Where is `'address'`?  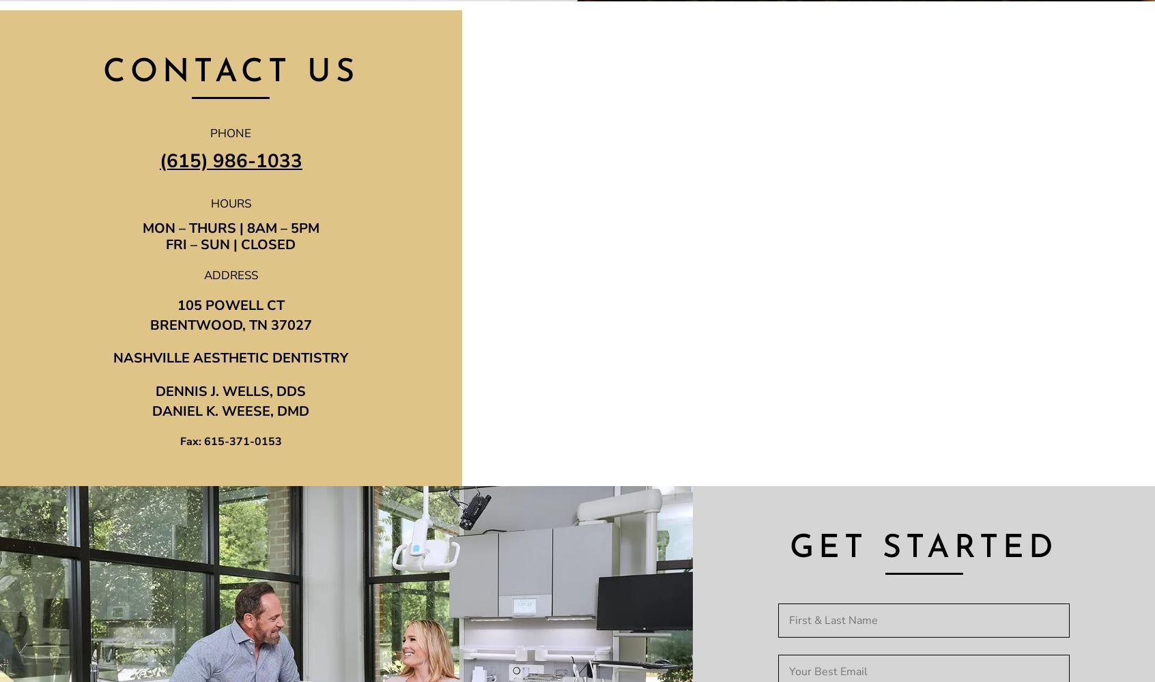
'address' is located at coordinates (229, 274).